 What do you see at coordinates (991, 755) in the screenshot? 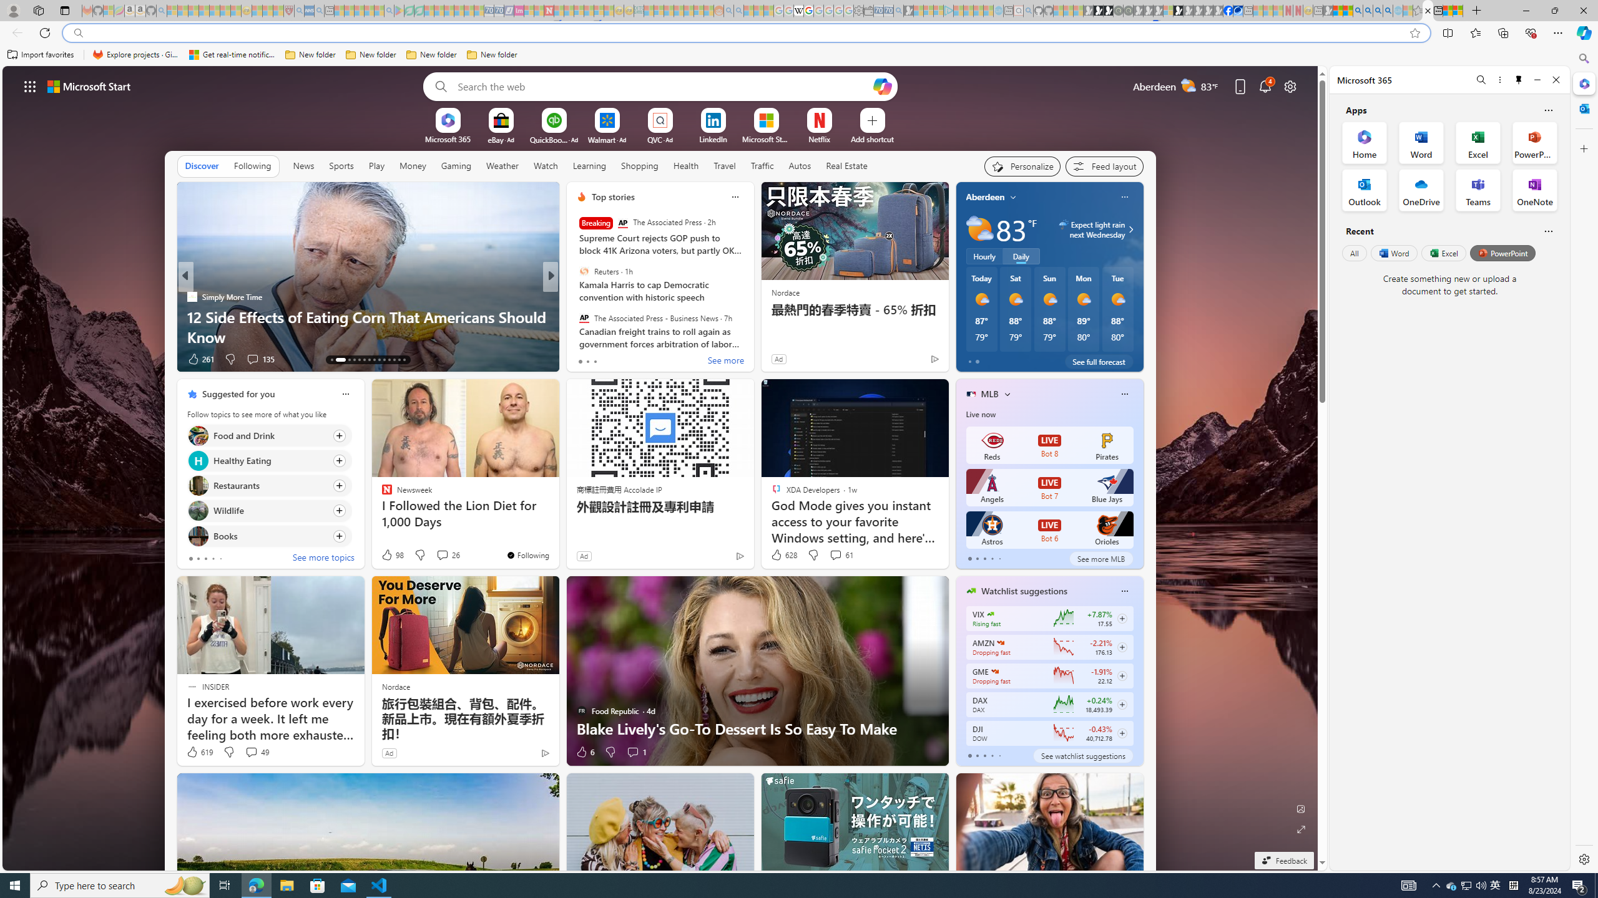
I see `'tab-3'` at bounding box center [991, 755].